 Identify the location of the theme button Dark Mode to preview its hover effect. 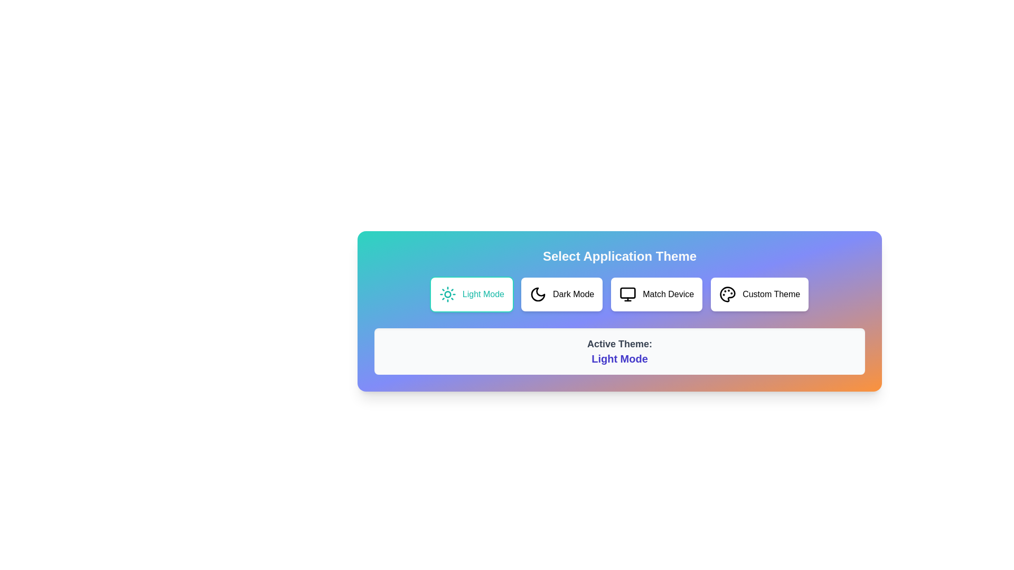
(561, 294).